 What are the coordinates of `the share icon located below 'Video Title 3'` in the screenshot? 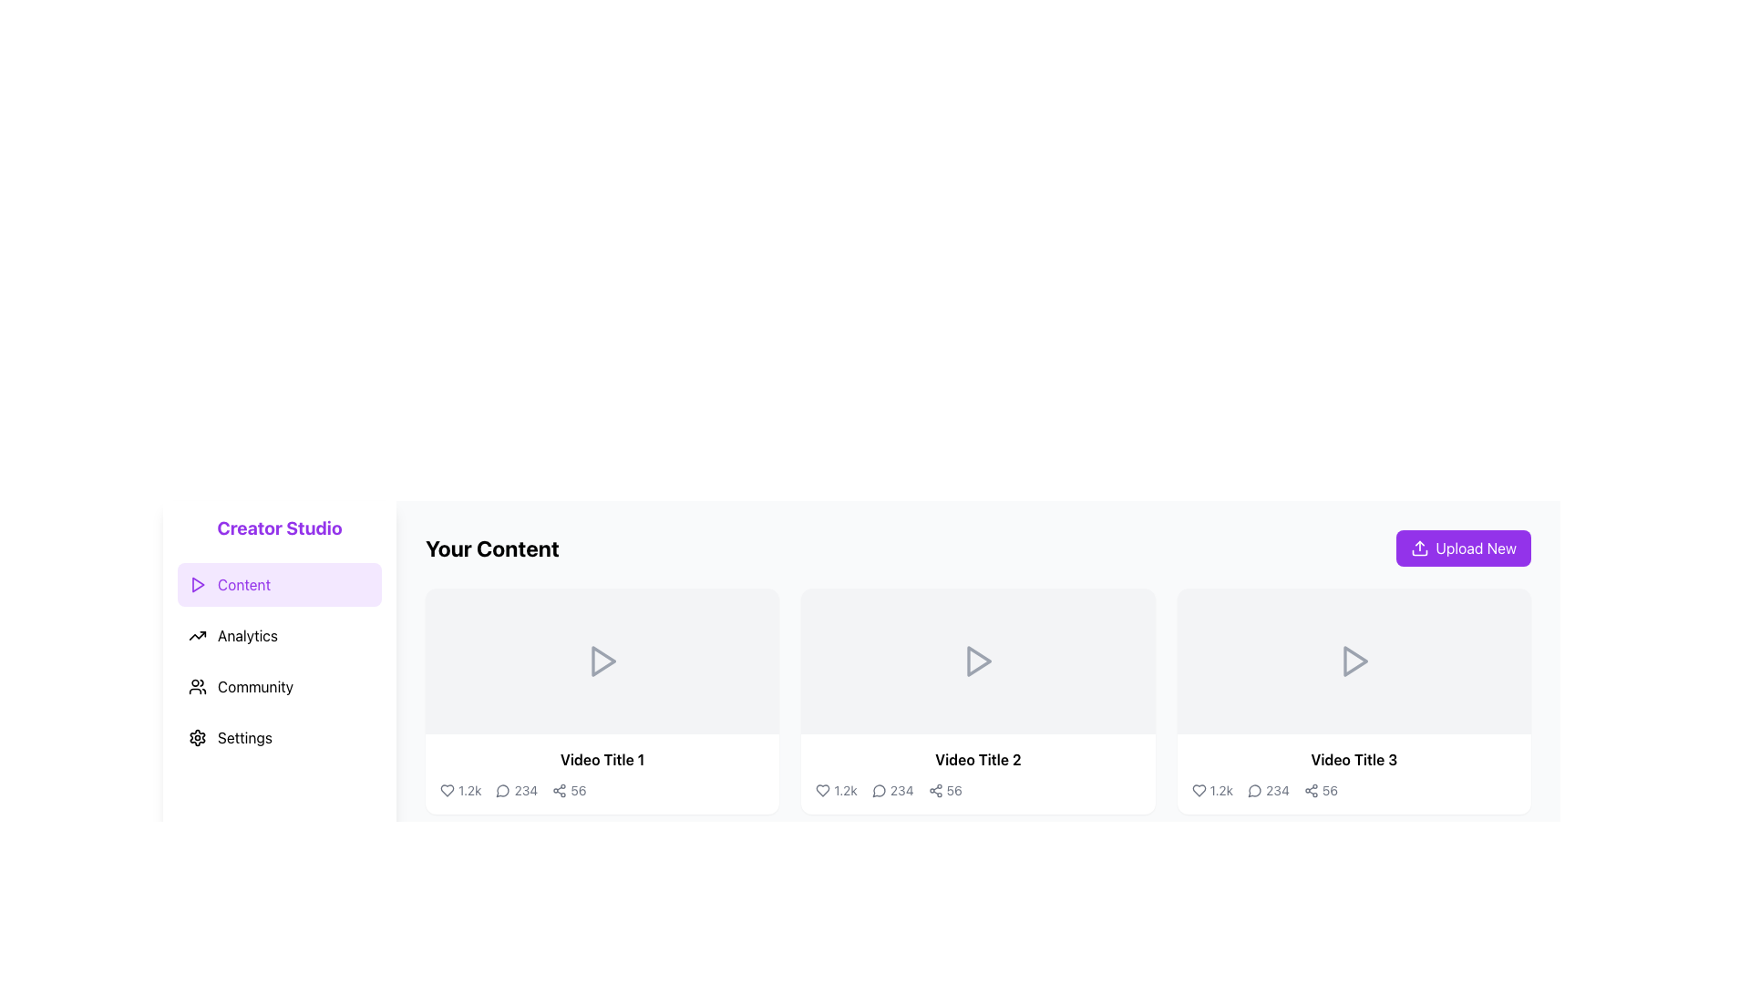 It's located at (1310, 789).